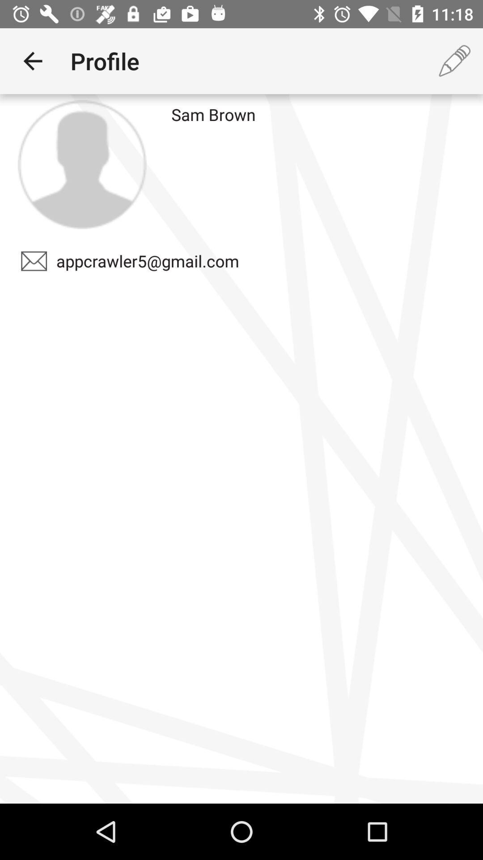 The height and width of the screenshot is (860, 483). Describe the element at coordinates (32, 60) in the screenshot. I see `item to the left of profile` at that location.